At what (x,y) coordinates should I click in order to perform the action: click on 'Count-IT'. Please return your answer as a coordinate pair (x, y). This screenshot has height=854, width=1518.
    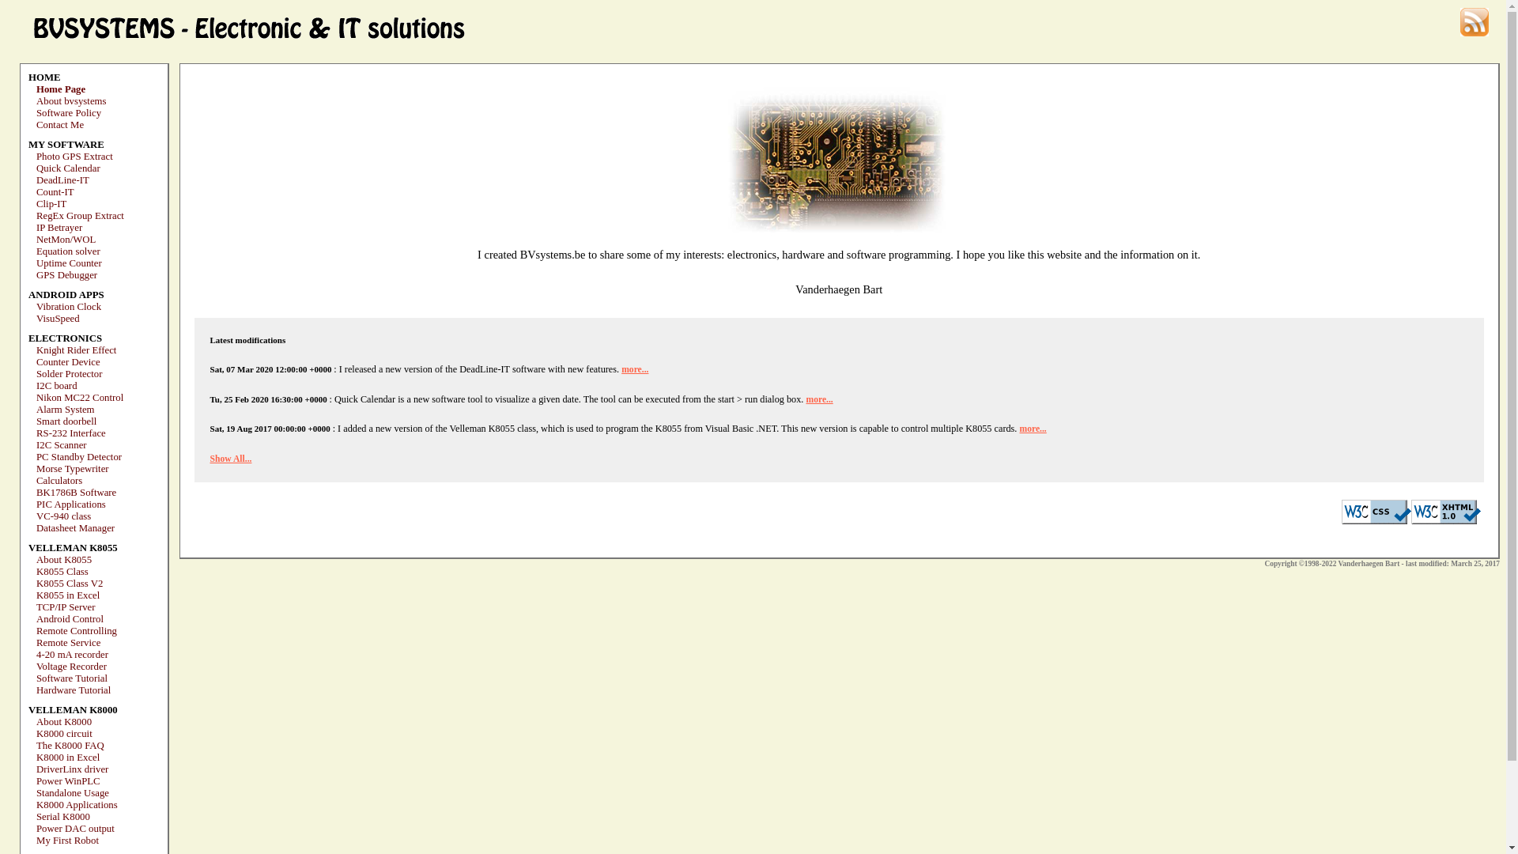
    Looking at the image, I should click on (55, 191).